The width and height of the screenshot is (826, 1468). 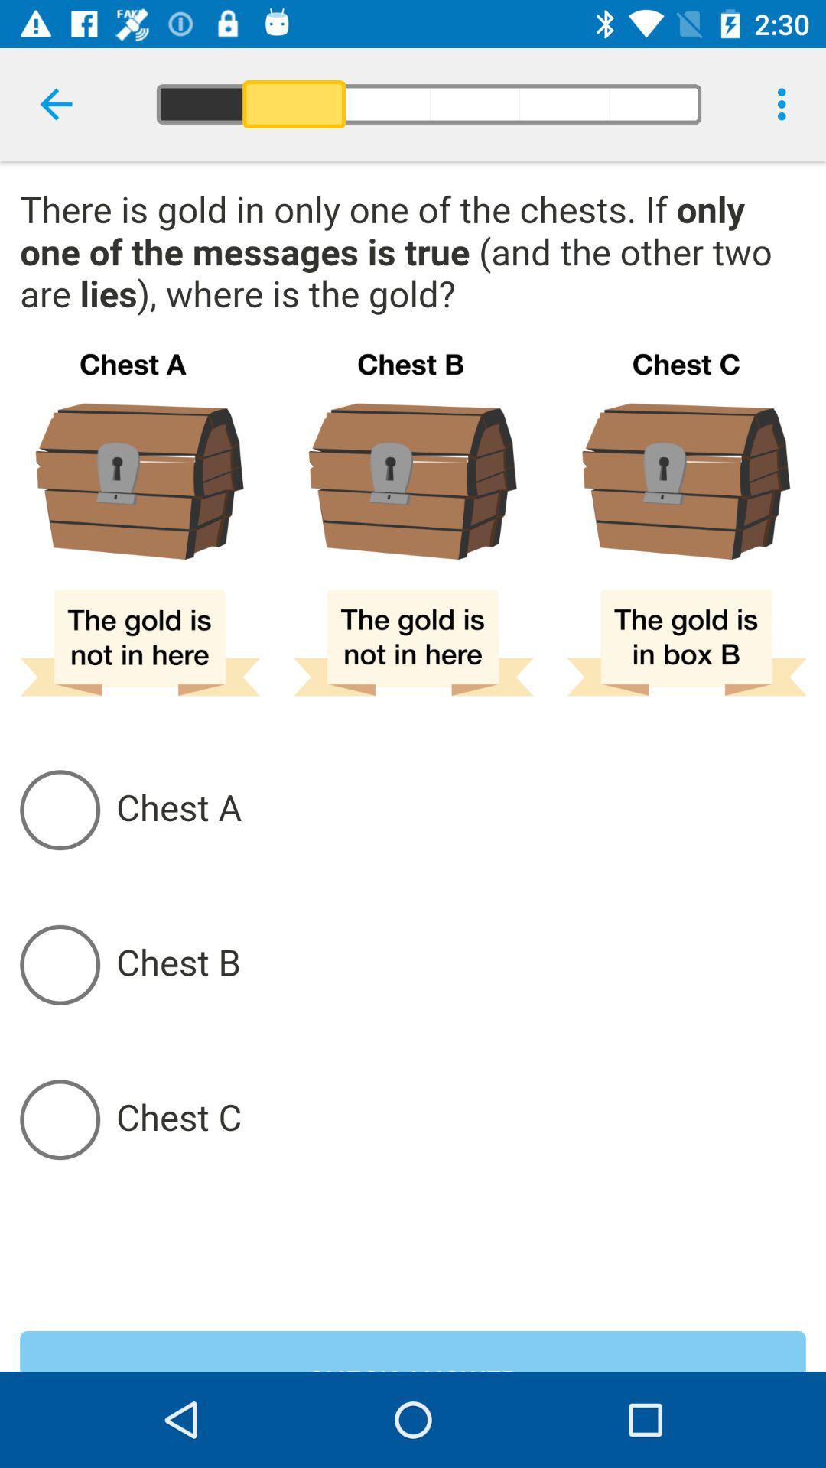 What do you see at coordinates (460, 963) in the screenshot?
I see `chest selection` at bounding box center [460, 963].